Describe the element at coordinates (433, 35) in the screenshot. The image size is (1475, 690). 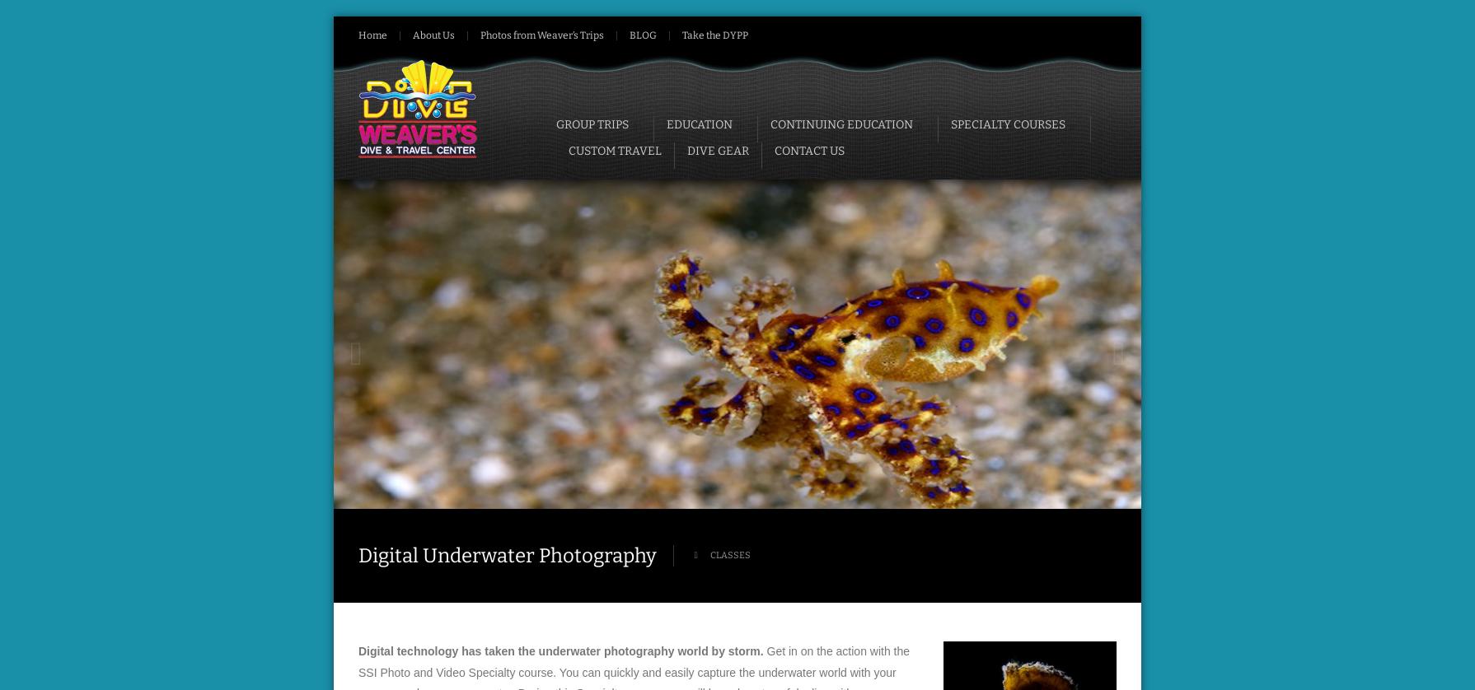
I see `'About Us'` at that location.